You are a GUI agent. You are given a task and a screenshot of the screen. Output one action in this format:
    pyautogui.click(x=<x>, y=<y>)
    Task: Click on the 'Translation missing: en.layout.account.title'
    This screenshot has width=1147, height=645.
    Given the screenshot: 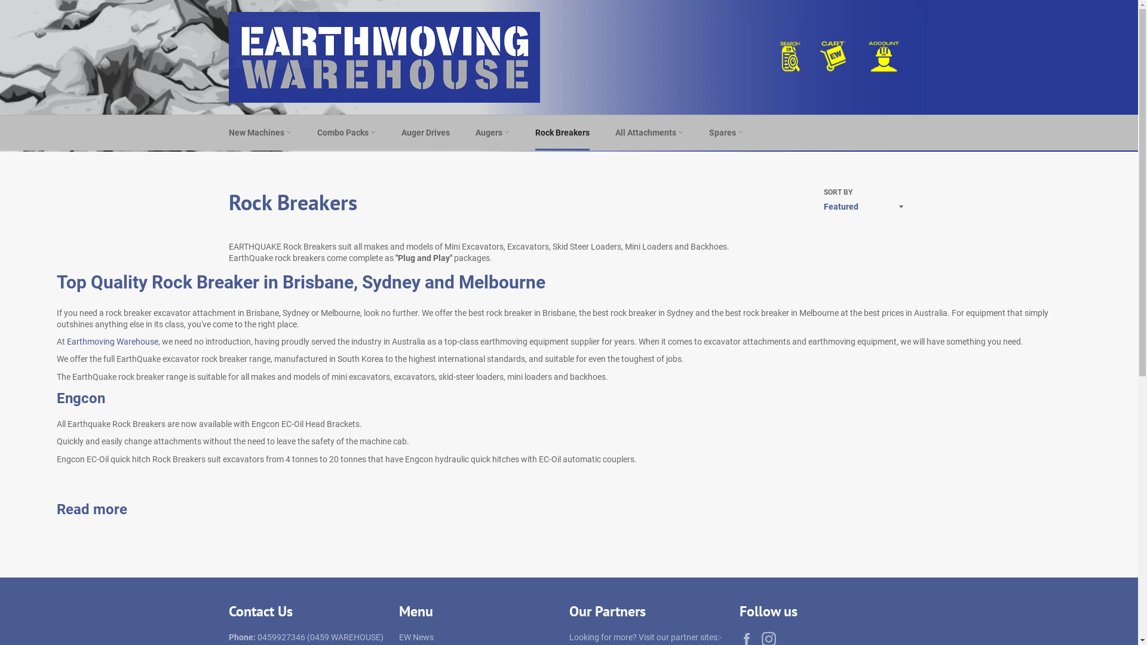 What is the action you would take?
    pyautogui.click(x=884, y=57)
    